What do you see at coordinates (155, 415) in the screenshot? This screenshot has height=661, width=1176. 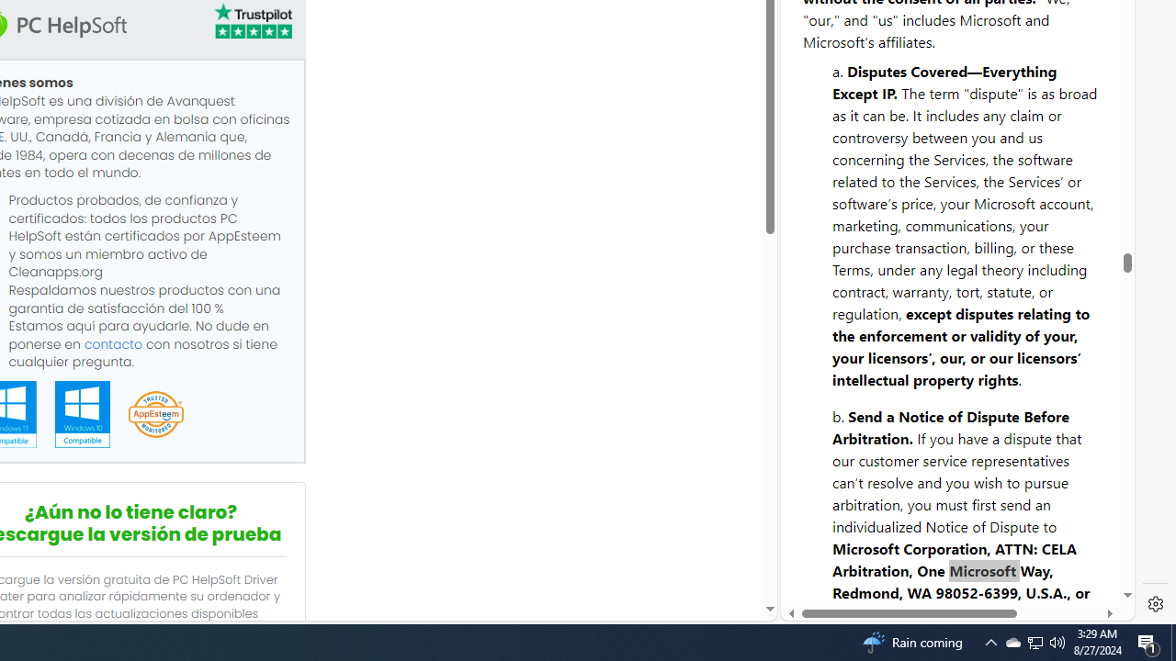 I see `'App Esteem'` at bounding box center [155, 415].